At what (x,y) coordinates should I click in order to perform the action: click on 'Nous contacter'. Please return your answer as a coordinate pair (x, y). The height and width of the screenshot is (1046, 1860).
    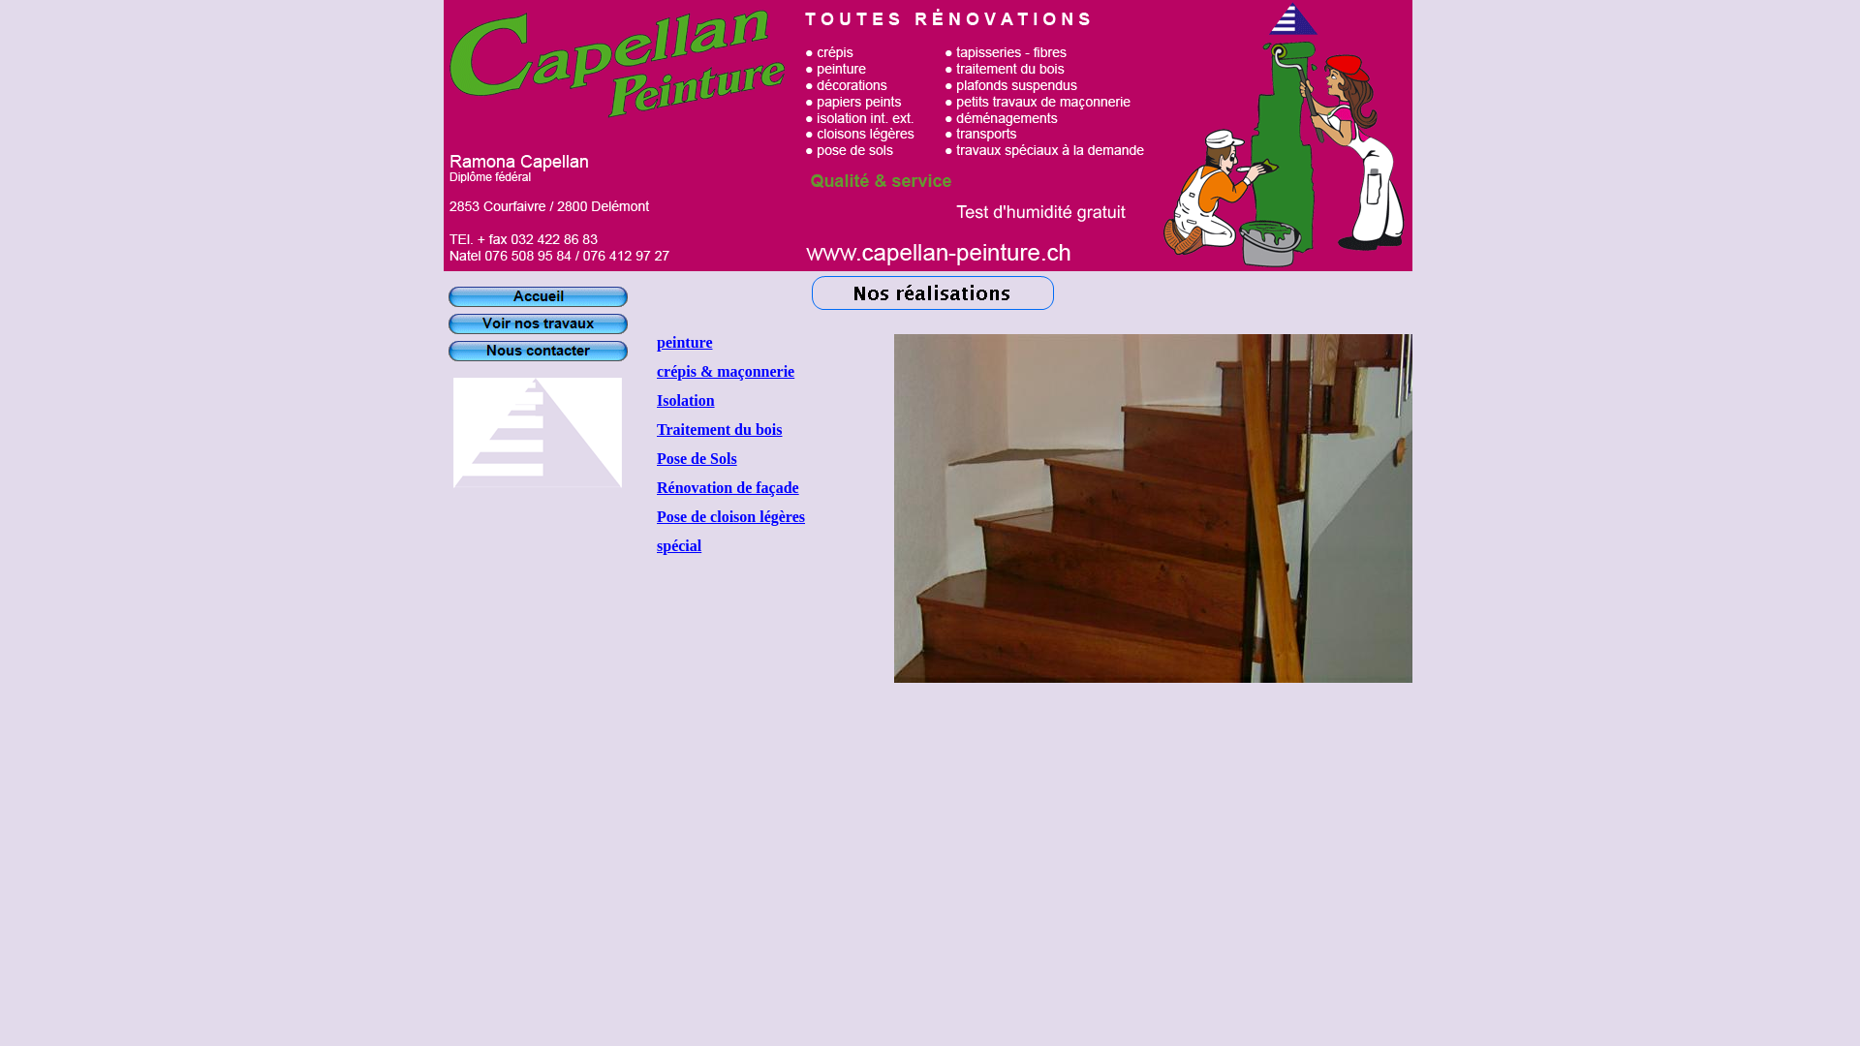
    Looking at the image, I should click on (538, 351).